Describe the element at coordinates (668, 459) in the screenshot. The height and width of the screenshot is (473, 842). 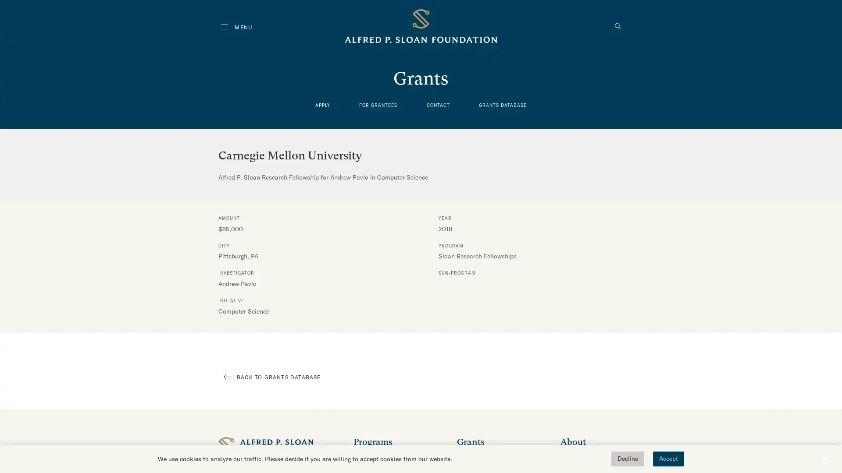
I see `Accept` at that location.